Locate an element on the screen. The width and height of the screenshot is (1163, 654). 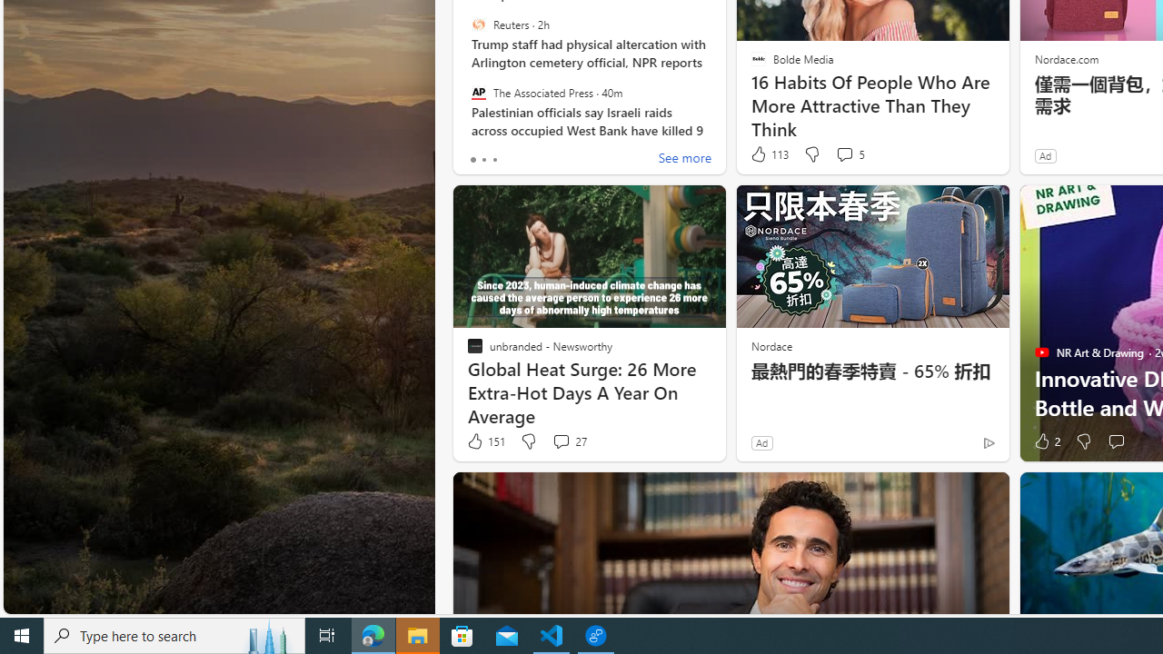
'View comments 5 Comment' is located at coordinates (849, 154).